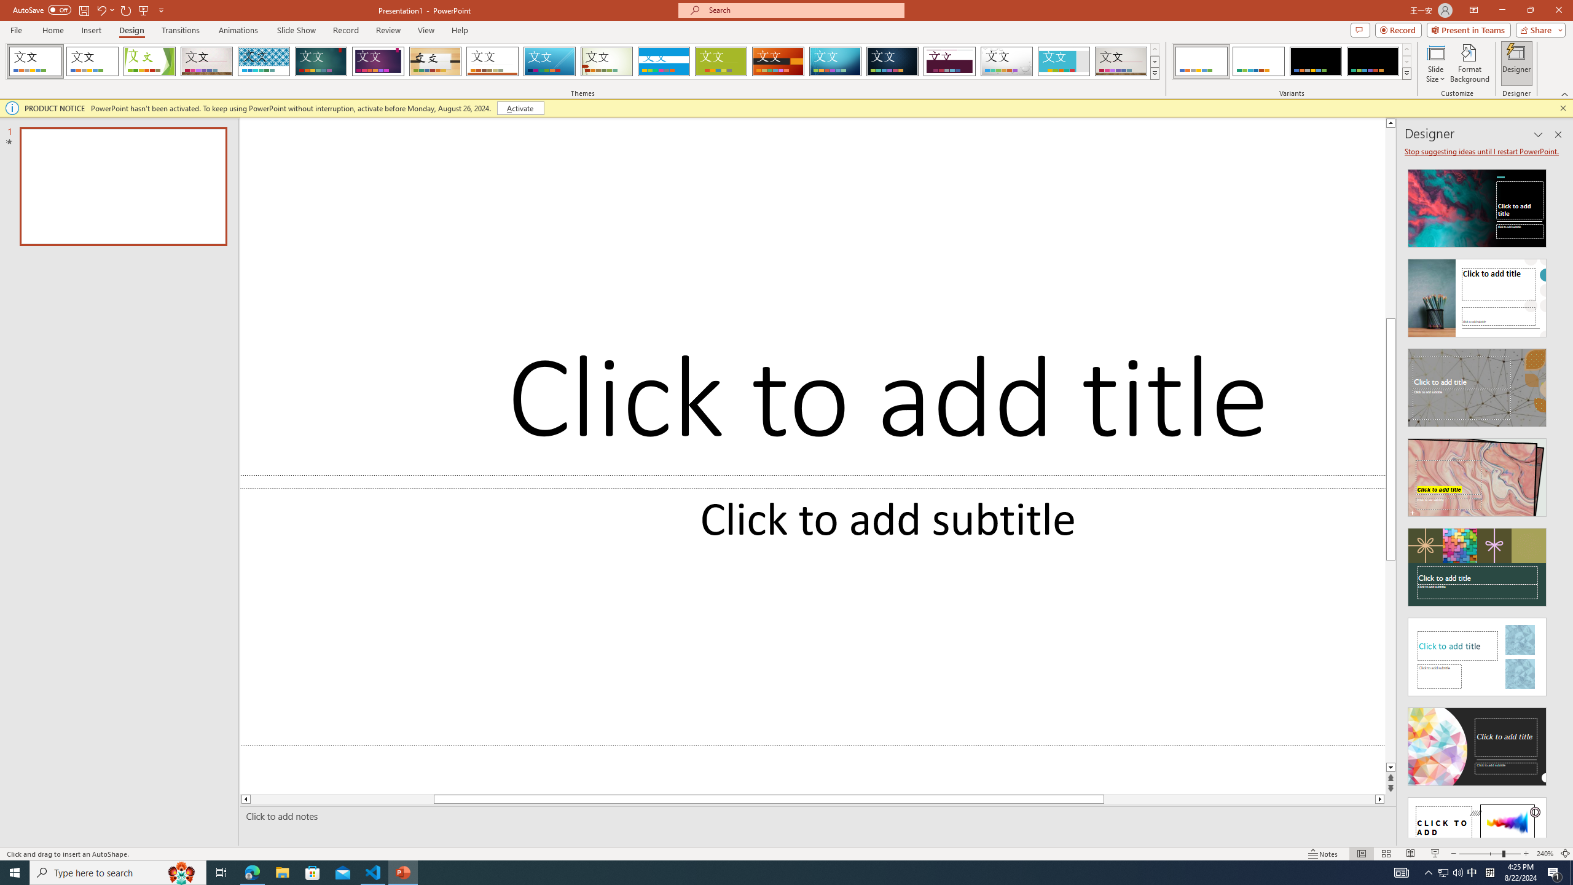  What do you see at coordinates (1405, 73) in the screenshot?
I see `'Variants'` at bounding box center [1405, 73].